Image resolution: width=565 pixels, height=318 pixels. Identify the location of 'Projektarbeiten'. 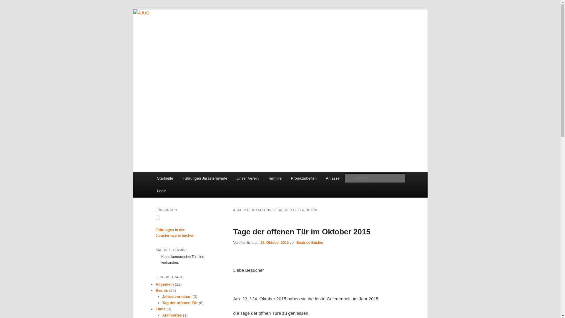
(304, 178).